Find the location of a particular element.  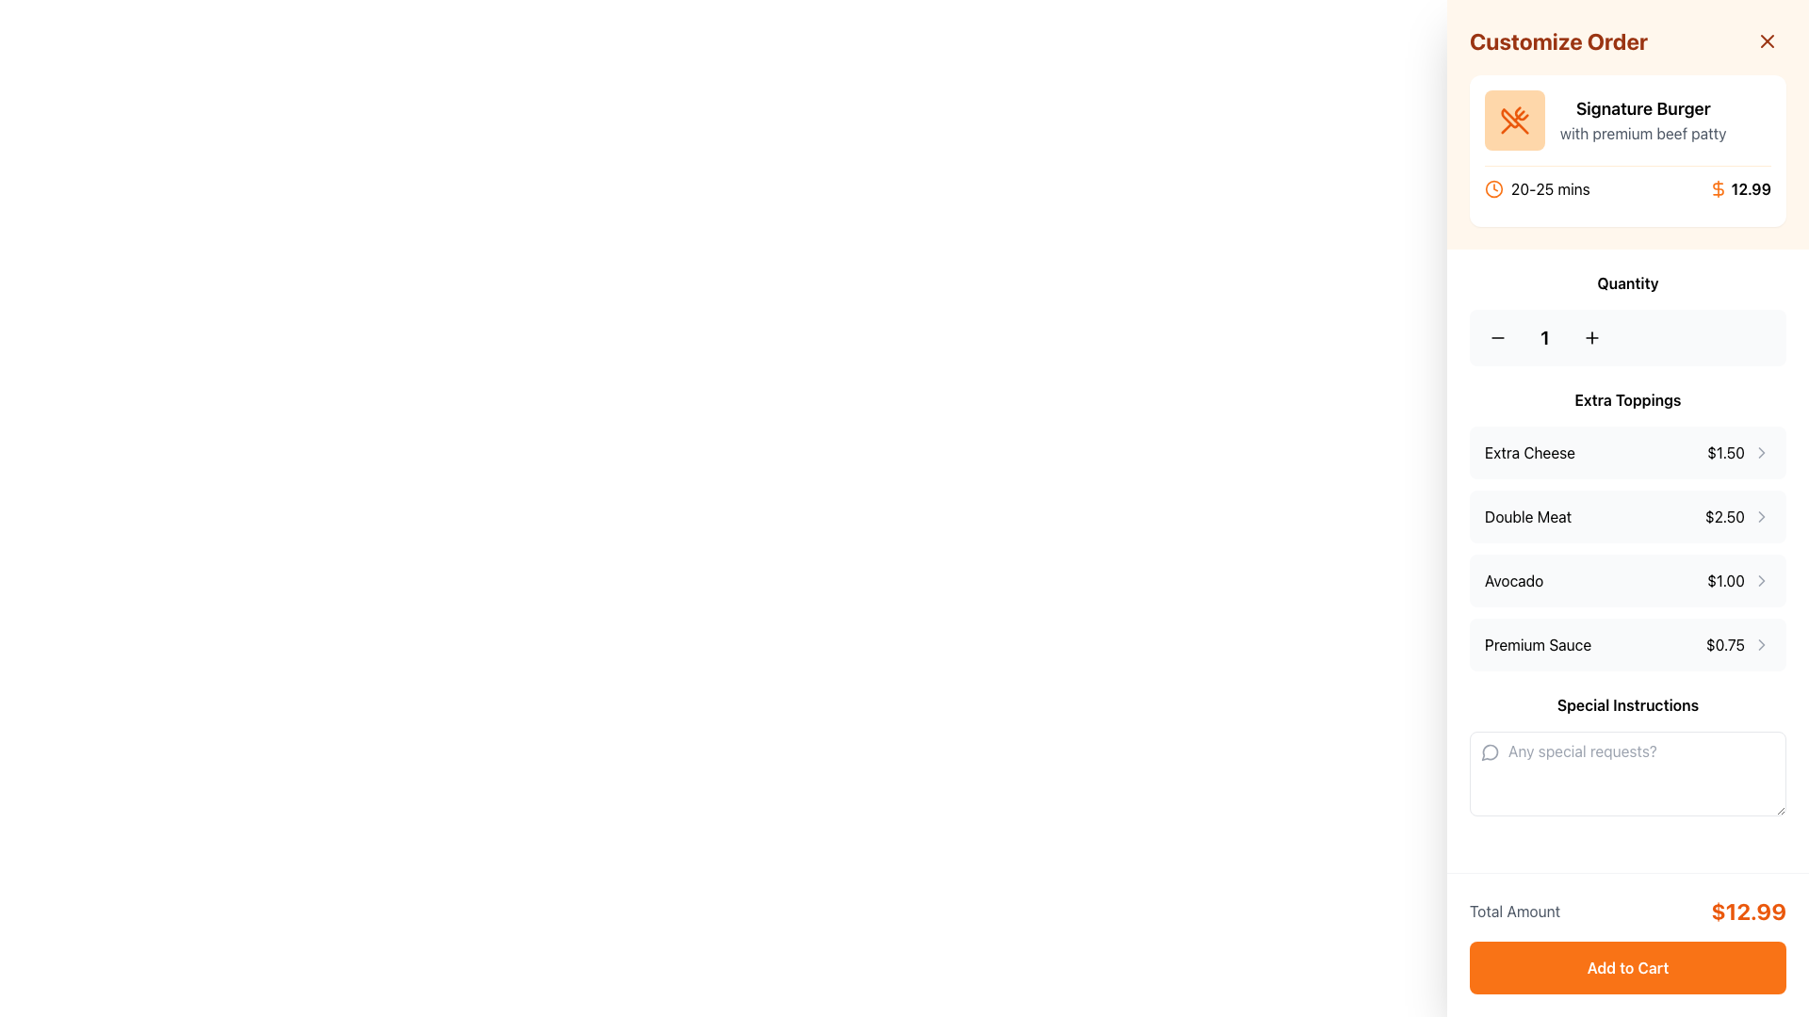

the text label 'Total Amount' displayed in gray font on the right sidebar, positioned before the bolded price value in orange is located at coordinates (1515, 911).